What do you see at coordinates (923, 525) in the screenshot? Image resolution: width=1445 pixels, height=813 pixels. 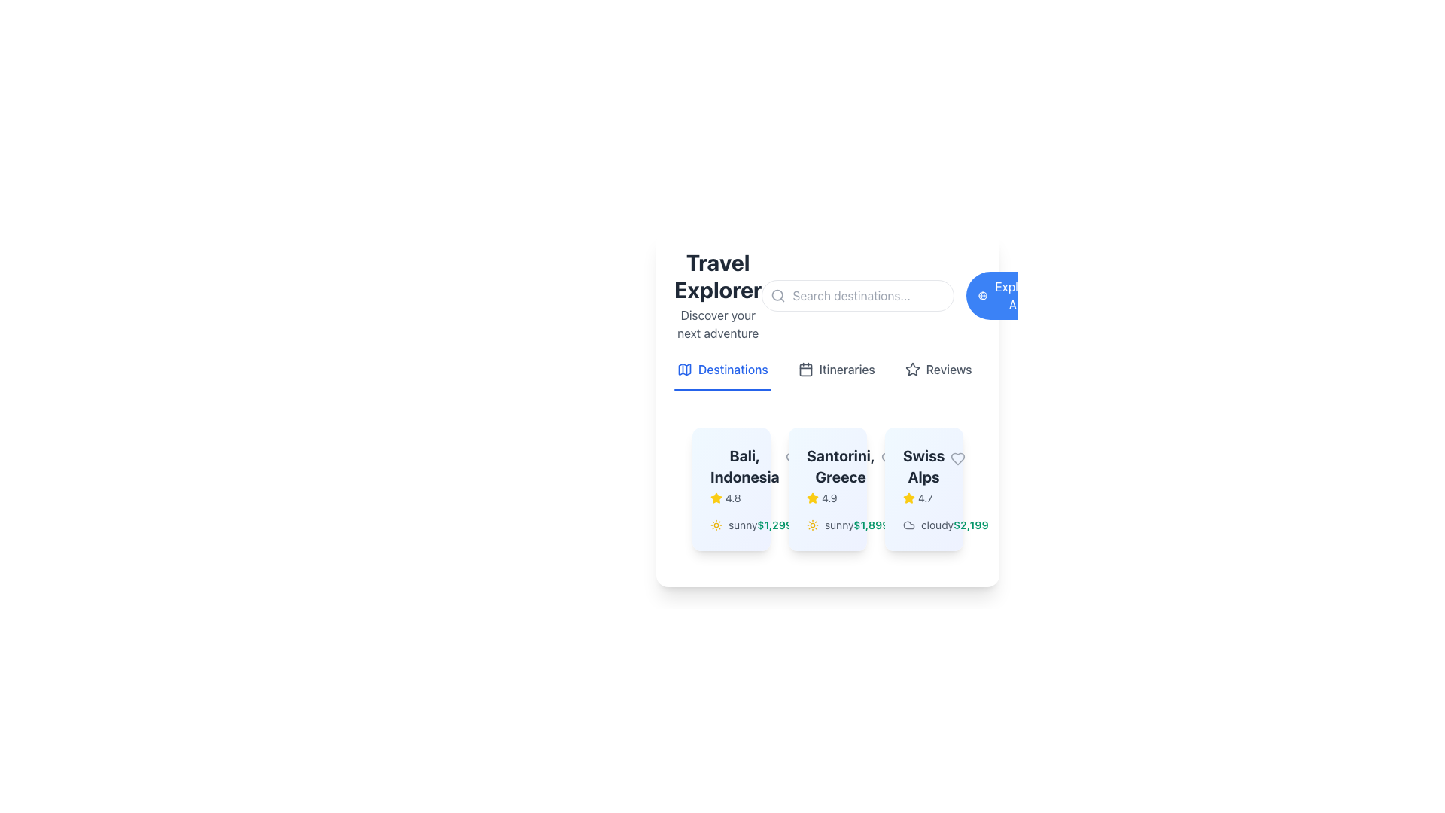 I see `the weather information and cost displayed in the text and icon composite located at the bottom of the 'Swiss Alps' card, which indicates 'cloudy' weather and a price of '$2,199'` at bounding box center [923, 525].